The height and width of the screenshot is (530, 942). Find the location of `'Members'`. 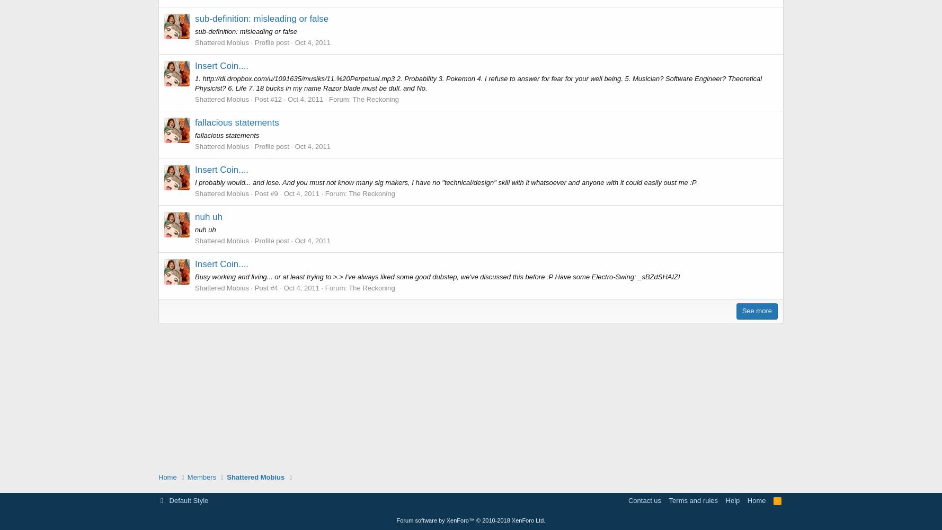

'Members' is located at coordinates (201, 476).